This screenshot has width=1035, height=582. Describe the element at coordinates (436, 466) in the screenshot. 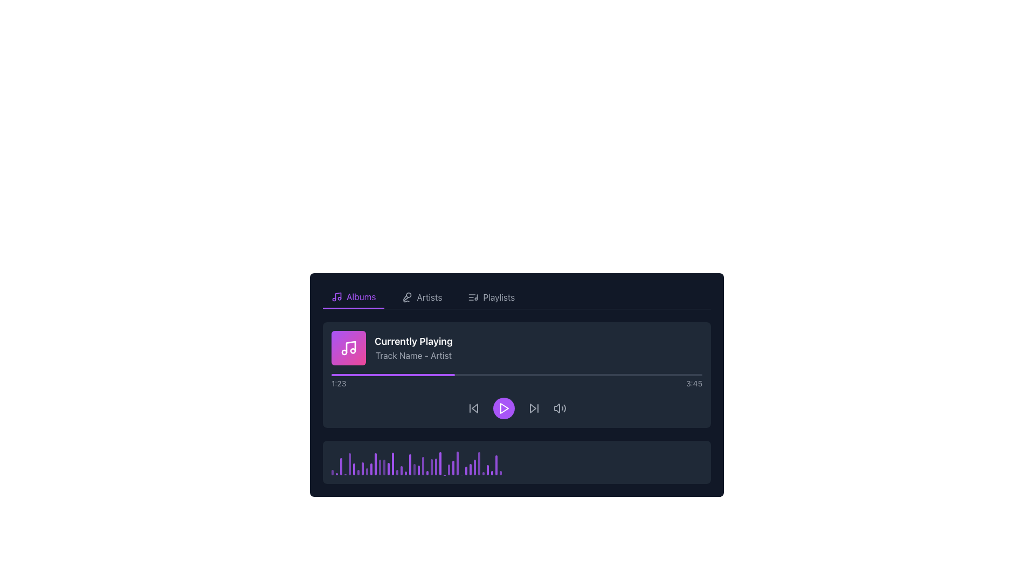

I see `the 25th progress bar segment in the audio visualization display at the bottom of the media player interface` at that location.